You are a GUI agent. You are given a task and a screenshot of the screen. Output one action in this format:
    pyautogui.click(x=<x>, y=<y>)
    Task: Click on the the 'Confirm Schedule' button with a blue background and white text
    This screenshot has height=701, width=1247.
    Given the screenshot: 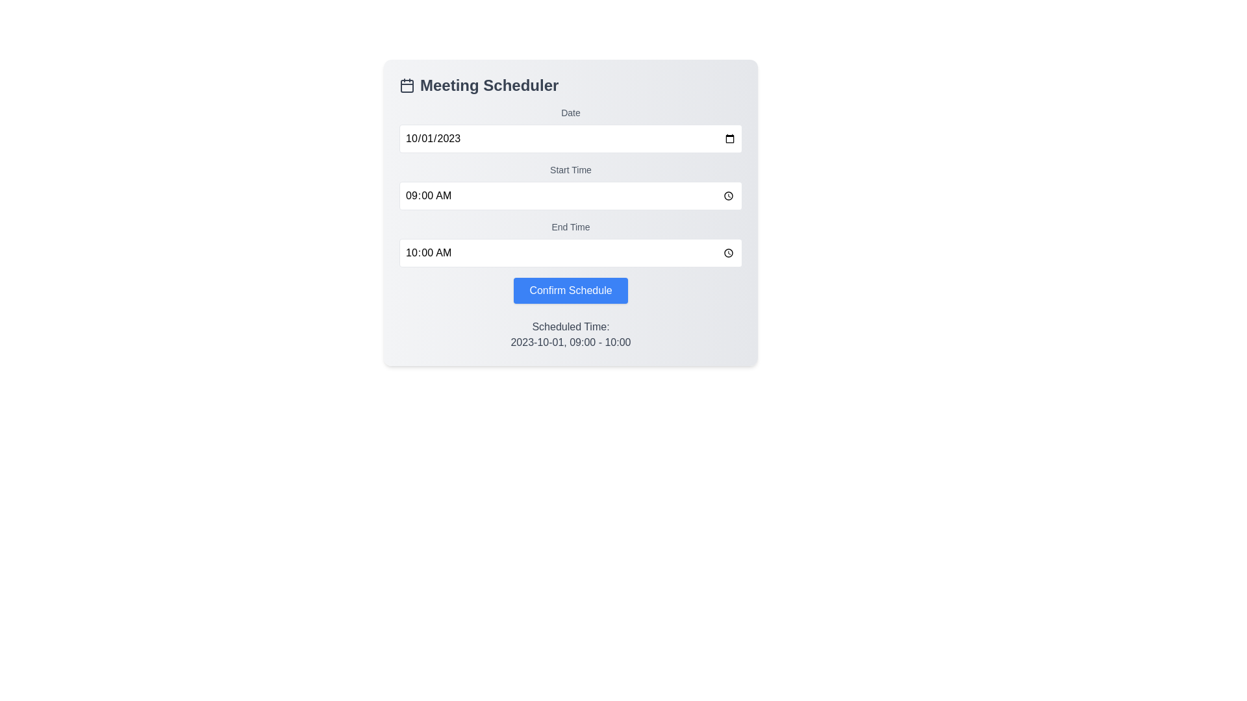 What is the action you would take?
    pyautogui.click(x=570, y=289)
    